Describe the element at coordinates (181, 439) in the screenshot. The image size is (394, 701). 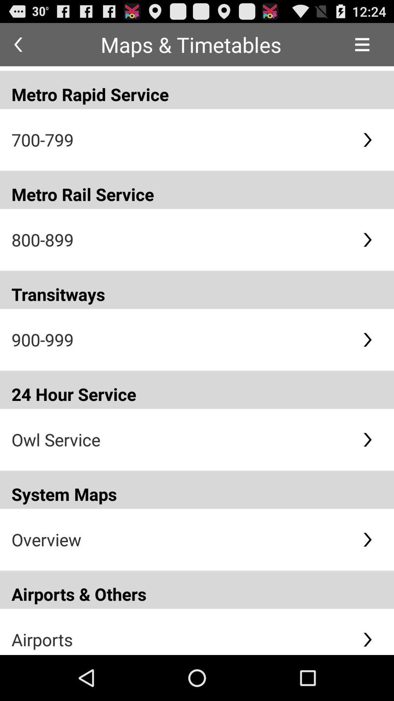
I see `item below the 24 hour service item` at that location.